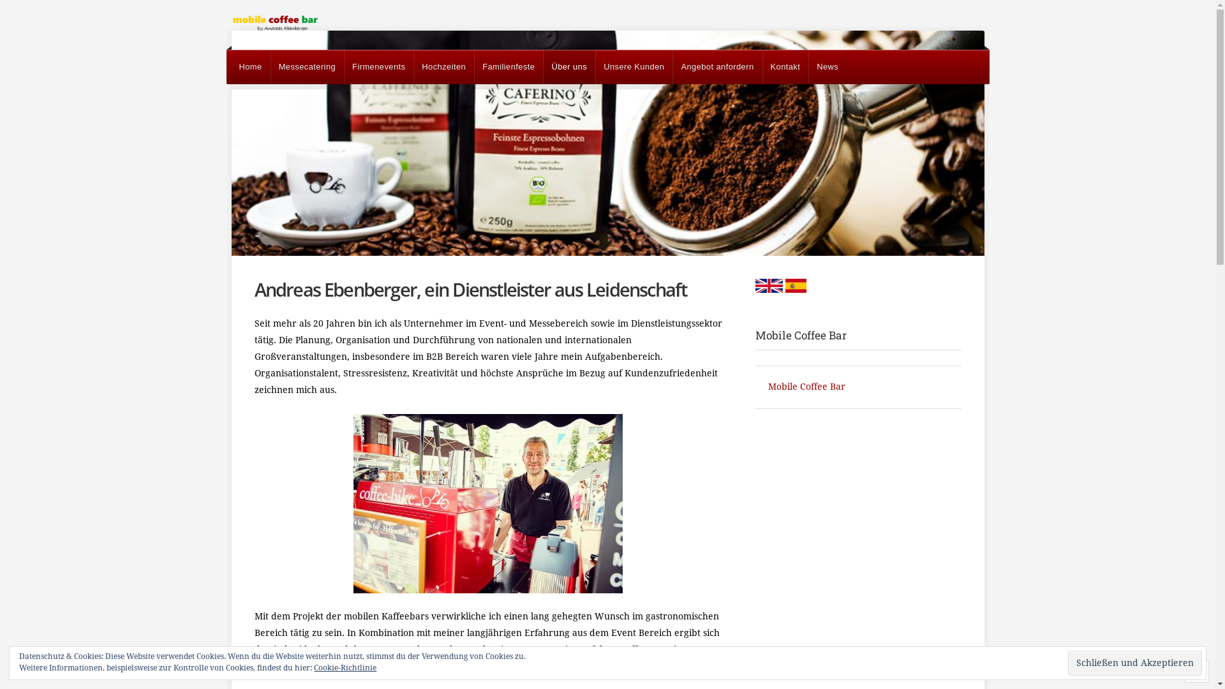 The height and width of the screenshot is (689, 1225). What do you see at coordinates (250, 66) in the screenshot?
I see `'Home'` at bounding box center [250, 66].